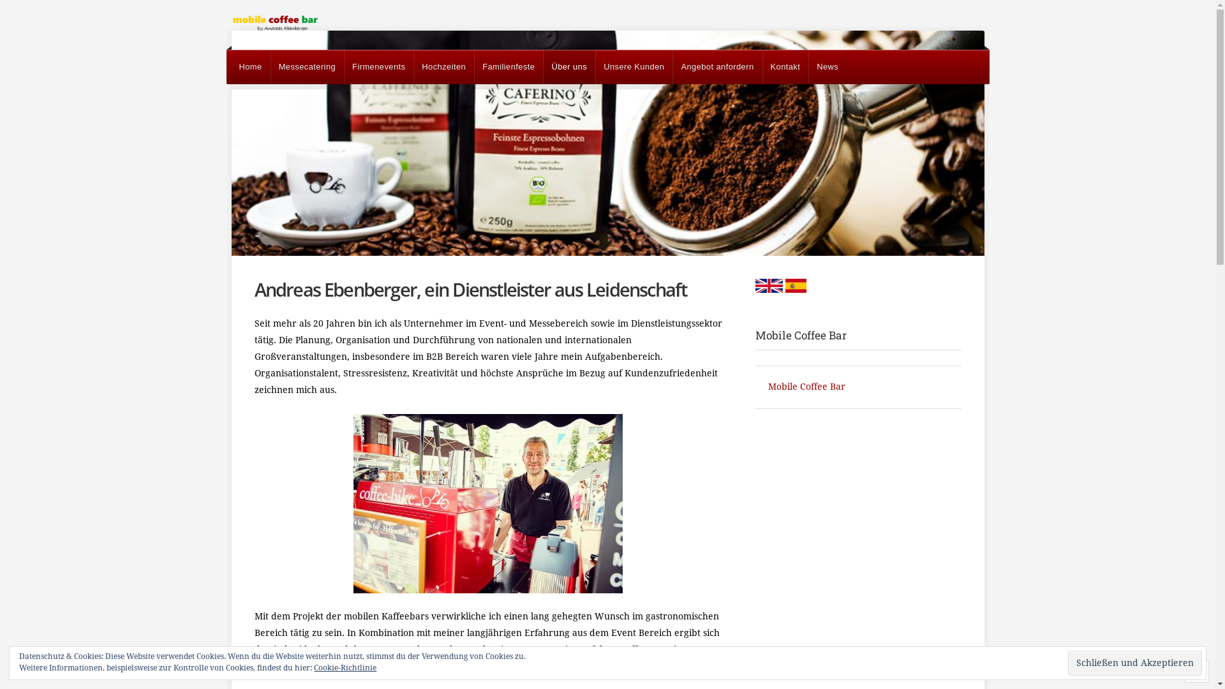 The height and width of the screenshot is (689, 1225). What do you see at coordinates (250, 66) in the screenshot?
I see `'Home'` at bounding box center [250, 66].